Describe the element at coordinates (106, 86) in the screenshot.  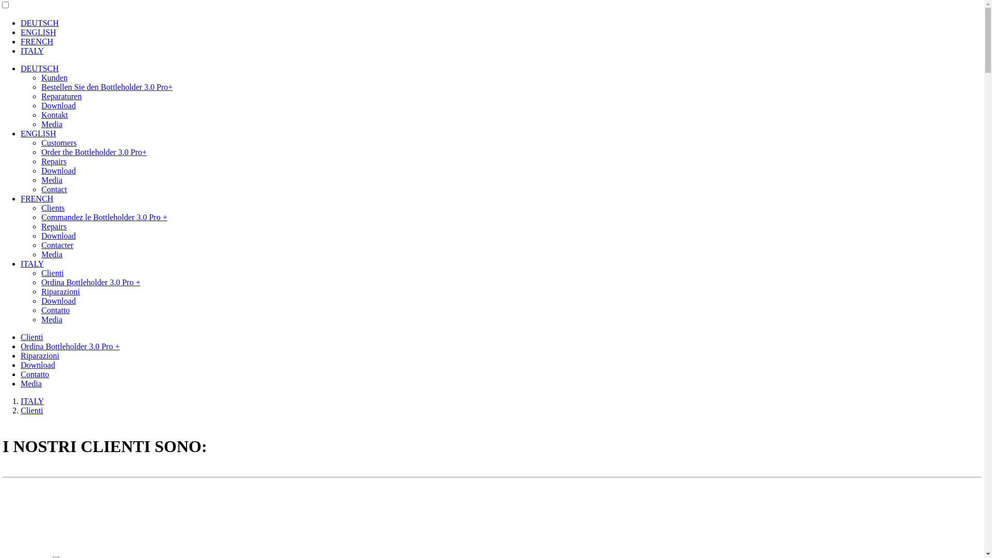
I see `'Bestellen Sie den Bottleholder 3.0 Pro+'` at that location.